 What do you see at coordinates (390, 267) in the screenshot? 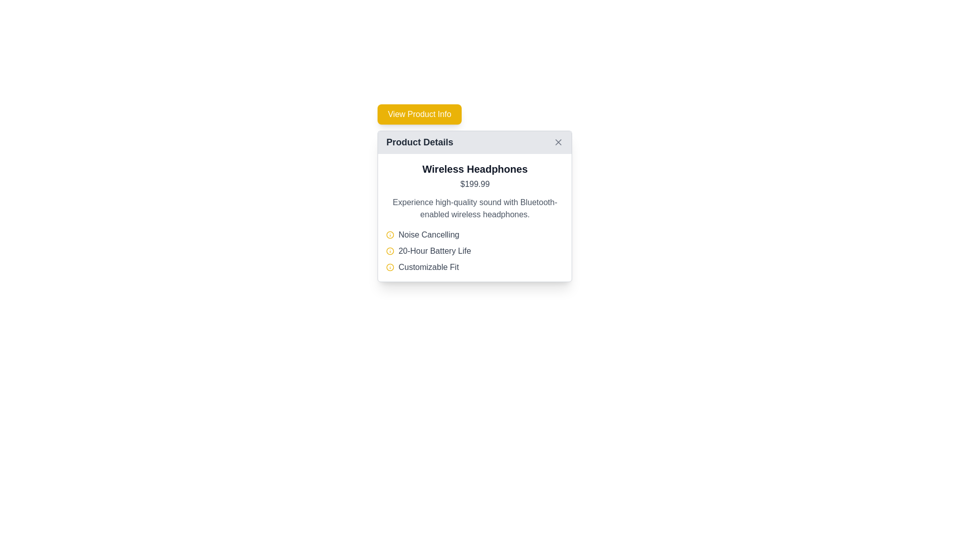
I see `the information icon located to the left of the 'Customizable Fit' feature text` at bounding box center [390, 267].